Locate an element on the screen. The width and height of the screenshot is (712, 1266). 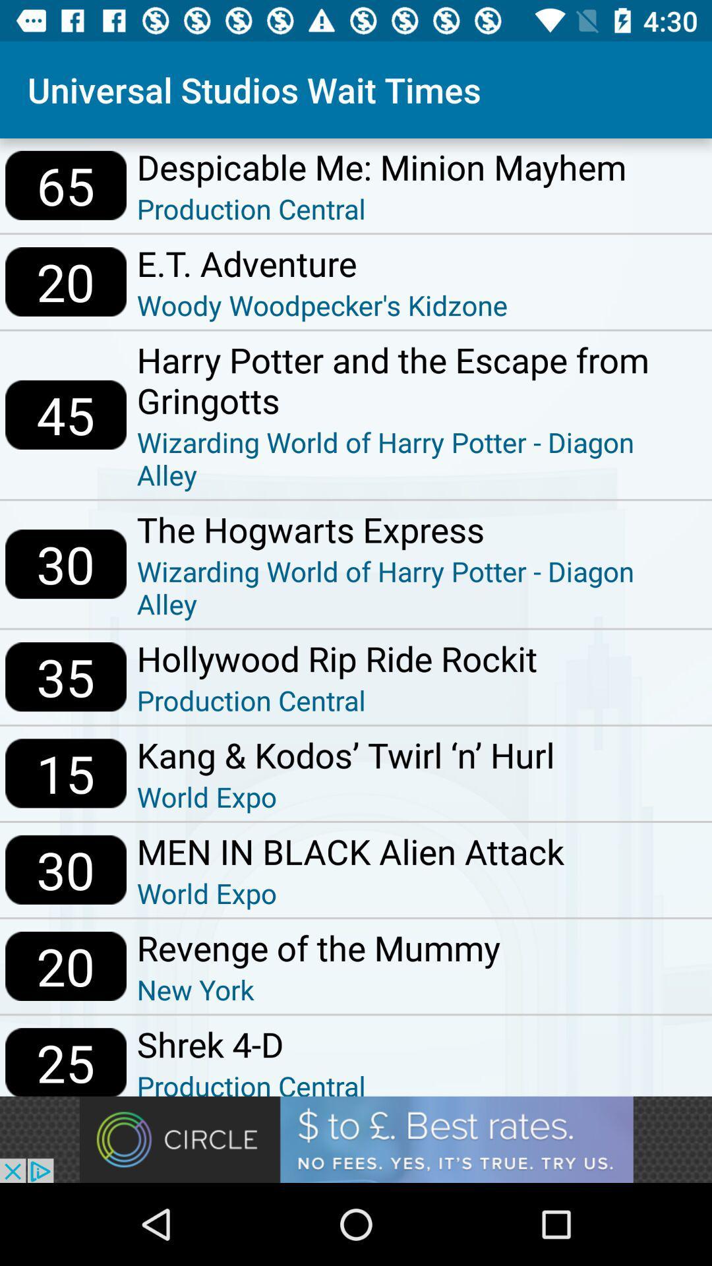
icon to the left of the hollywood rip ride is located at coordinates (66, 677).